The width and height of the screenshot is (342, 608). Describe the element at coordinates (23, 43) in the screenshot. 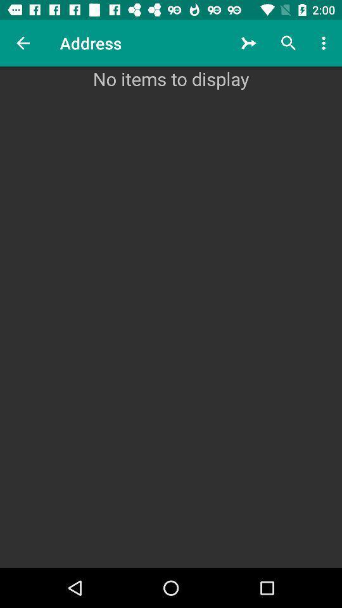

I see `item to the left of the address icon` at that location.